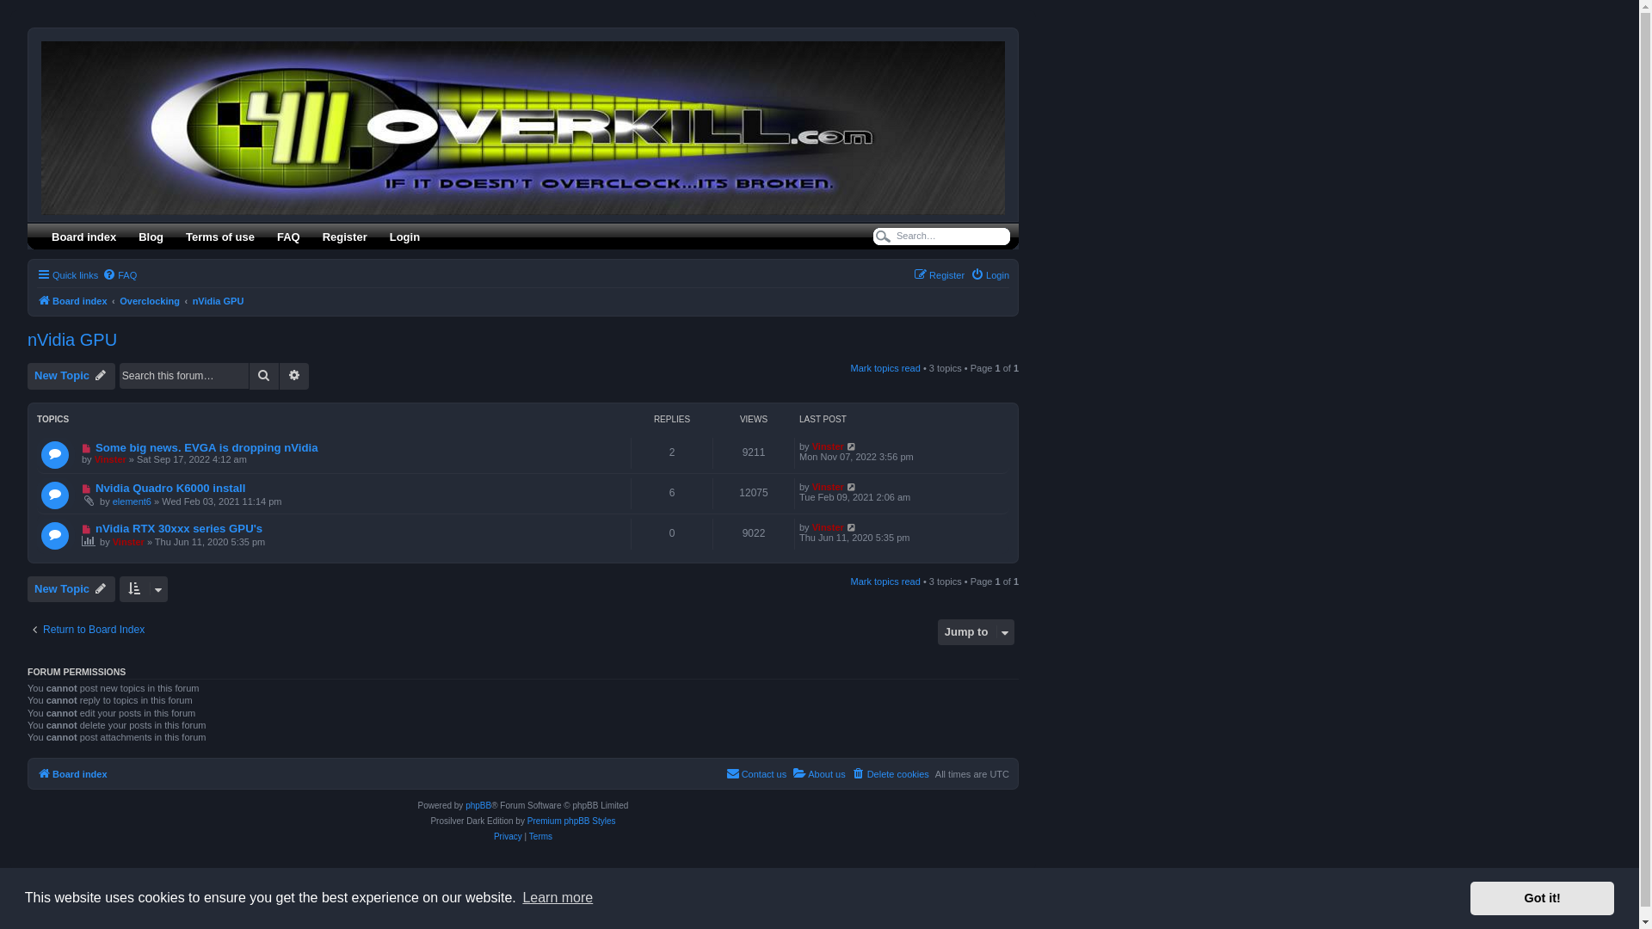  I want to click on 'About us', so click(817, 772).